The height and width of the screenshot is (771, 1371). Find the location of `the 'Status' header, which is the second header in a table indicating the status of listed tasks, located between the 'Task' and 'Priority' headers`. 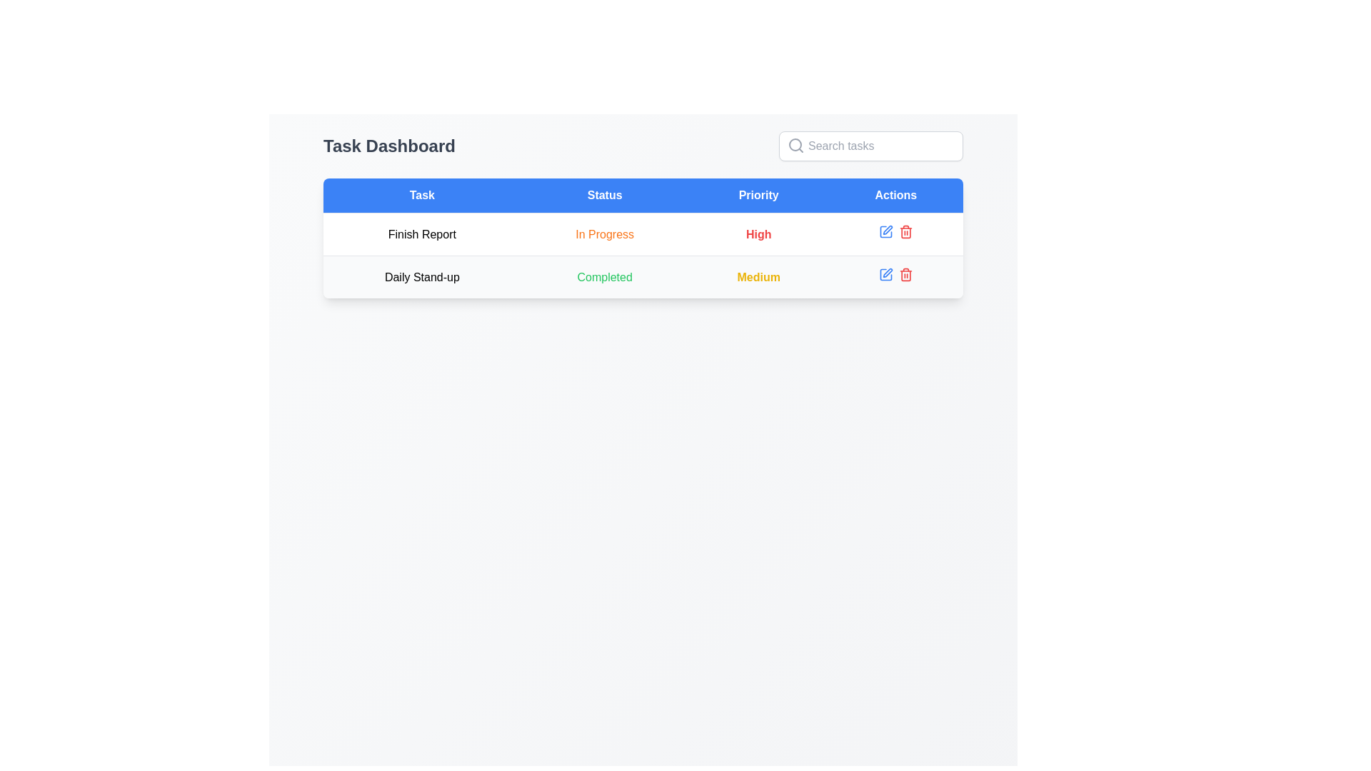

the 'Status' header, which is the second header in a table indicating the status of listed tasks, located between the 'Task' and 'Priority' headers is located at coordinates (605, 196).